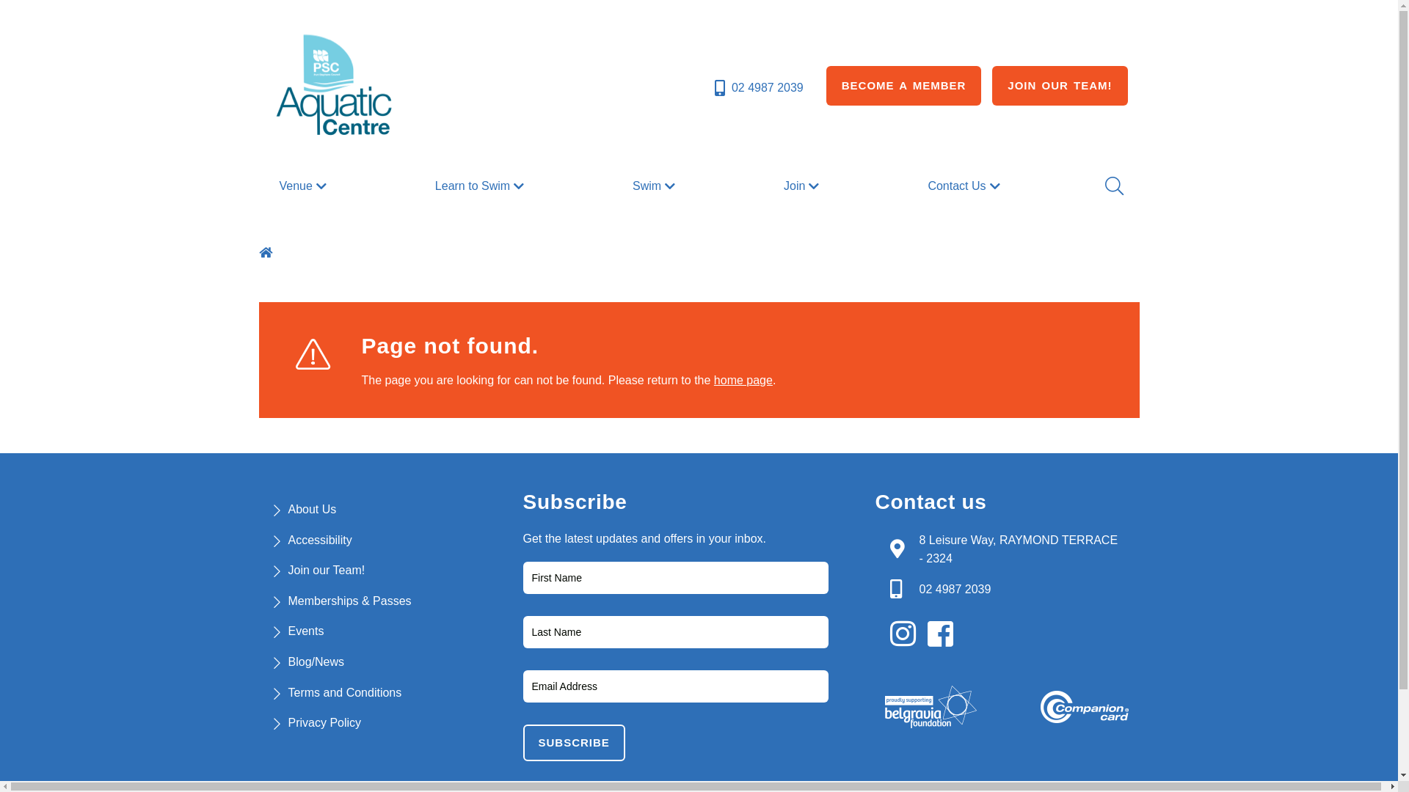  What do you see at coordinates (903, 85) in the screenshot?
I see `'BECOME A MEMBER'` at bounding box center [903, 85].